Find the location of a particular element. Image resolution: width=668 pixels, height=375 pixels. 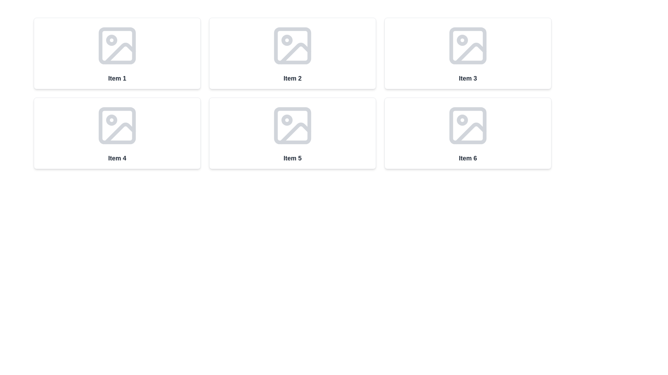

the 'Item 5' text label, which is displayed in a large, bold font and is located below an image icon in a card layout, specifically in the second row and third column of a two-row grid view is located at coordinates (292, 158).